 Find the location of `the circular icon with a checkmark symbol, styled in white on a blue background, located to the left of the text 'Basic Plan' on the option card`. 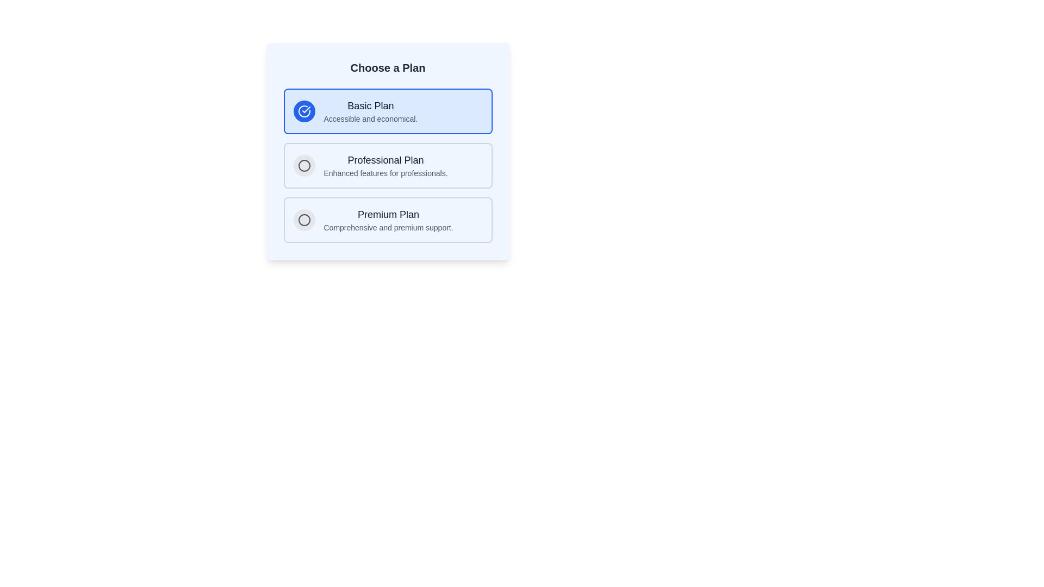

the circular icon with a checkmark symbol, styled in white on a blue background, located to the left of the text 'Basic Plan' on the option card is located at coordinates (304, 111).